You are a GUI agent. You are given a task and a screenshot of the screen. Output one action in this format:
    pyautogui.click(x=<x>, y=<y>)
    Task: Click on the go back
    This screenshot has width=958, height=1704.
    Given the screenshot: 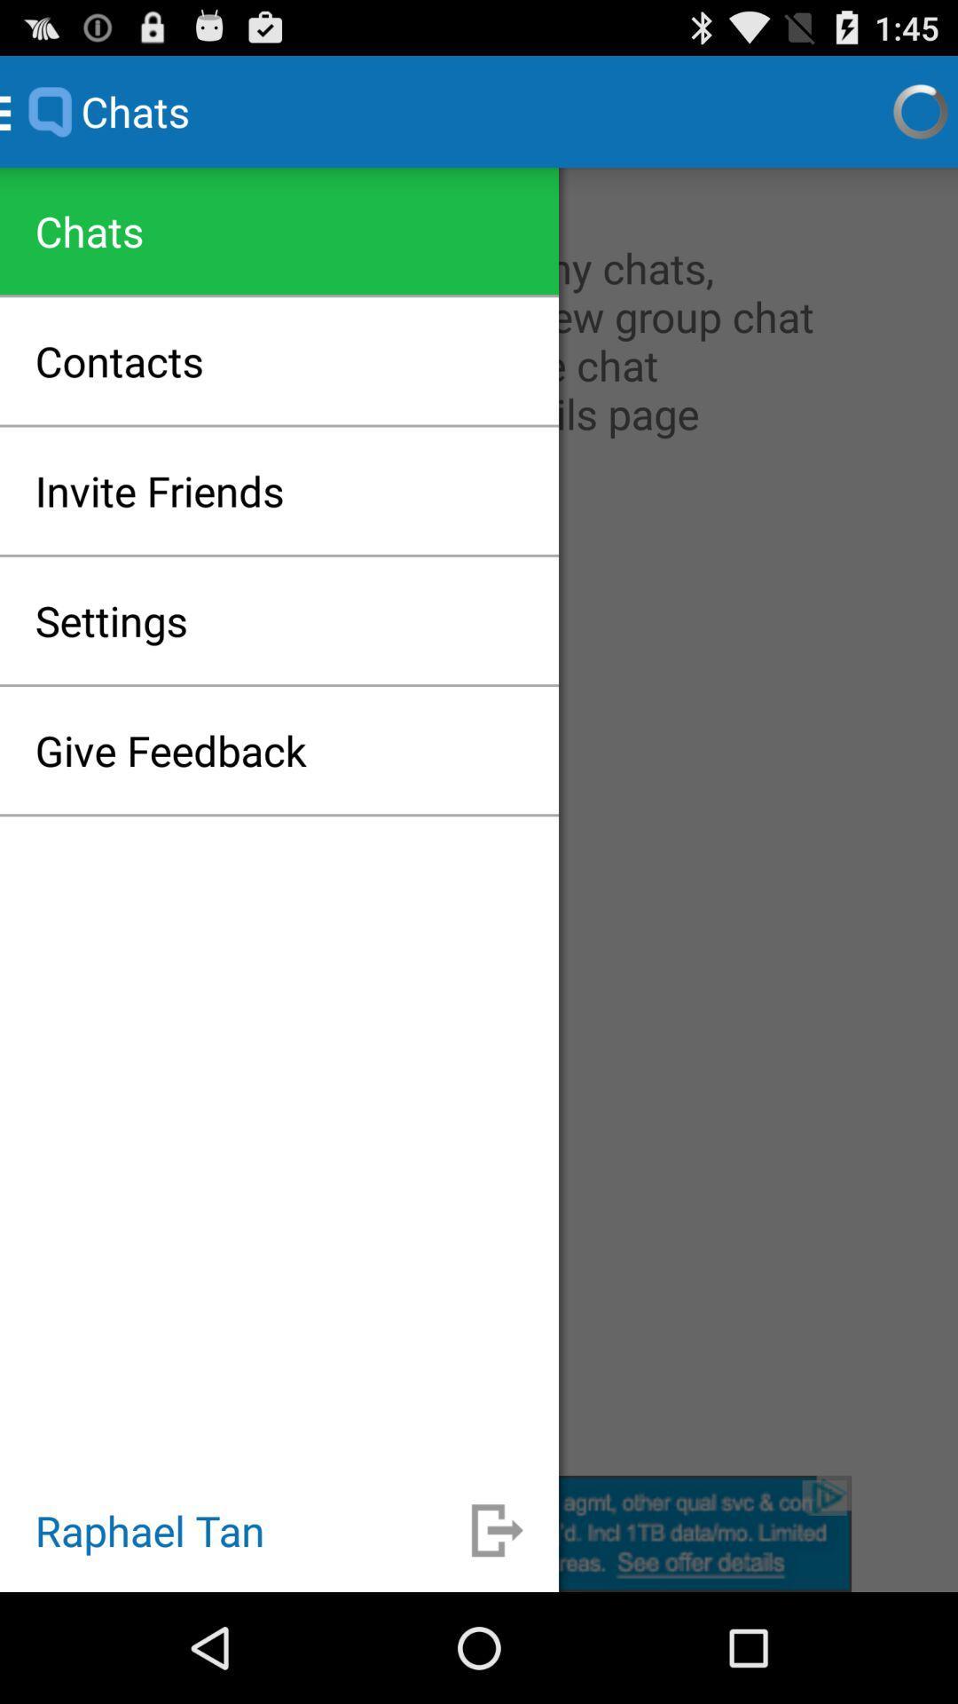 What is the action you would take?
    pyautogui.click(x=497, y=1529)
    